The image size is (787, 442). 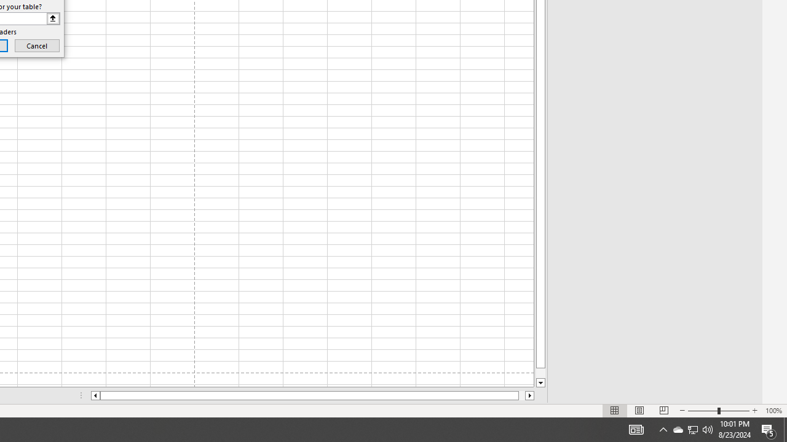 I want to click on 'Zoom In', so click(x=754, y=411).